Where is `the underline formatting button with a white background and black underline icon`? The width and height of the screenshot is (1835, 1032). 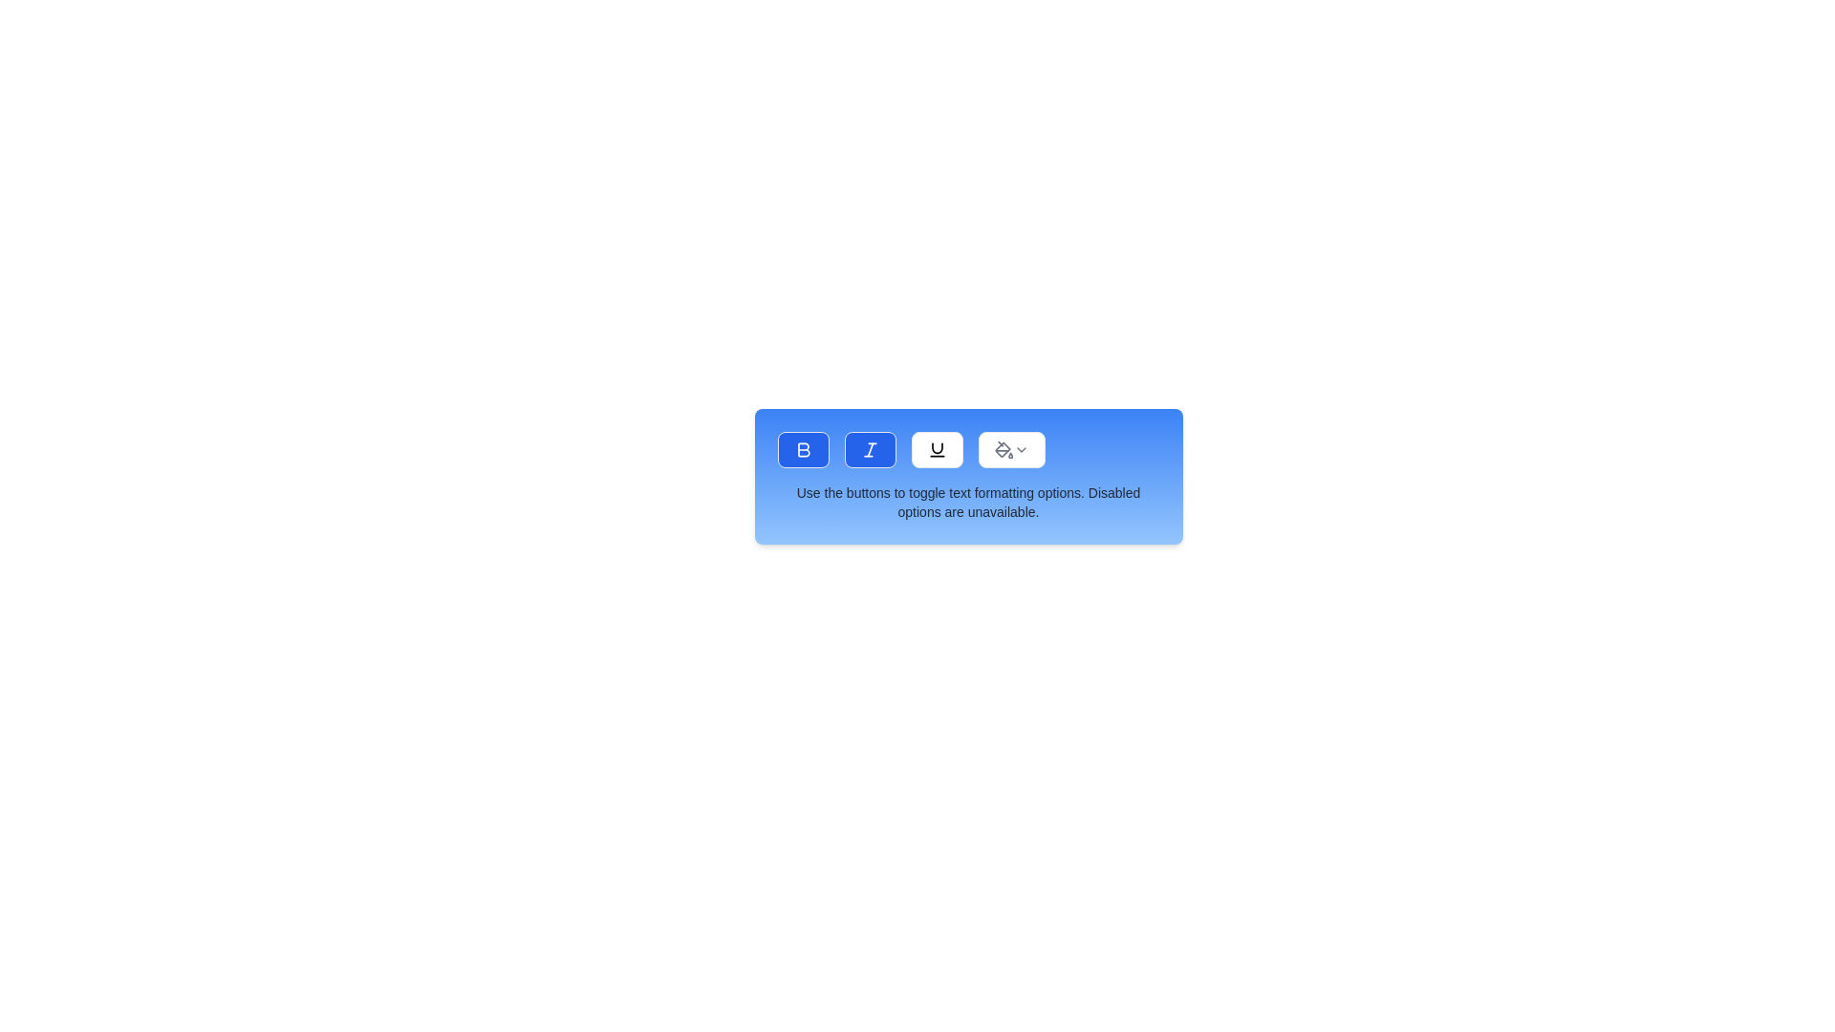
the underline formatting button with a white background and black underline icon is located at coordinates (937, 449).